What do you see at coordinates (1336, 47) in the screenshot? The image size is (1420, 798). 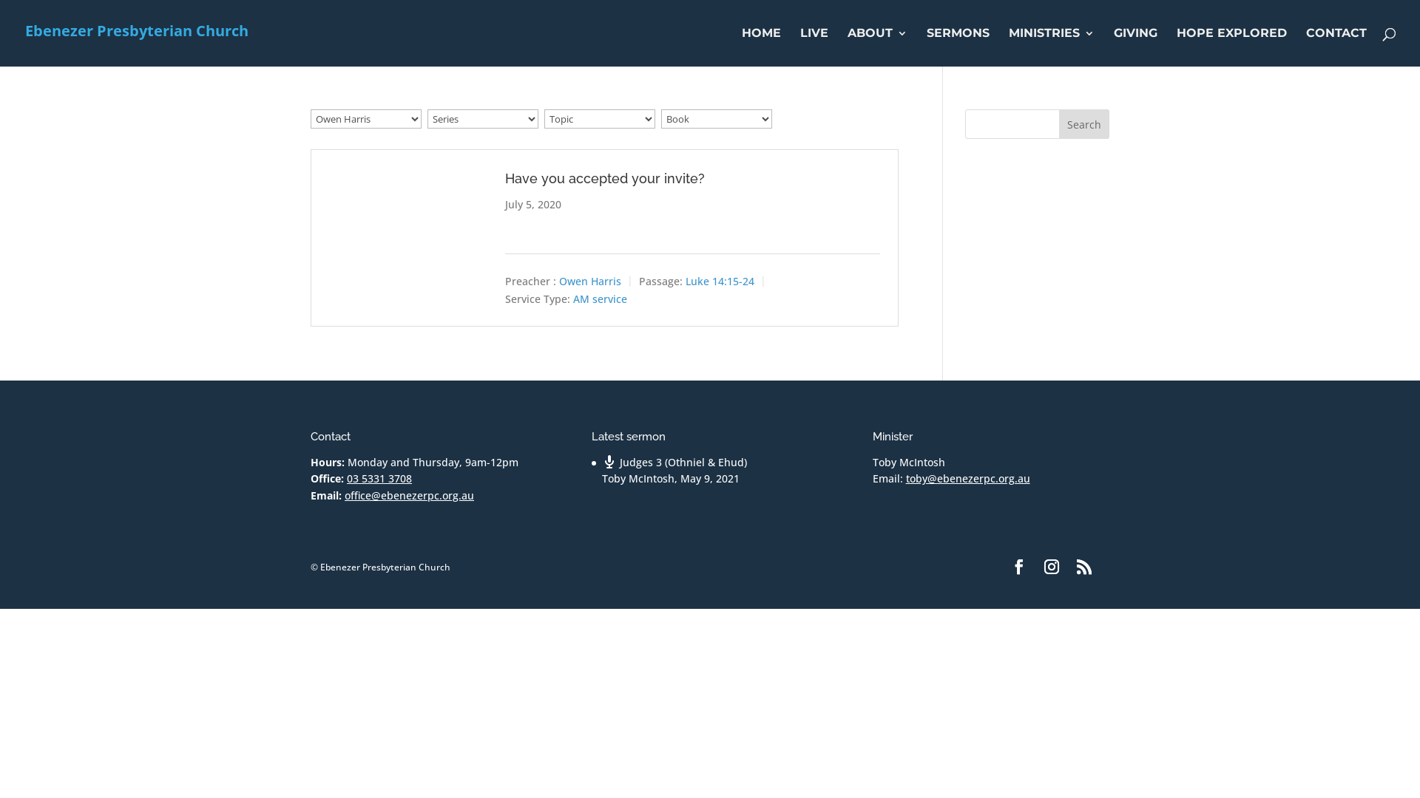 I see `'CONTACT'` at bounding box center [1336, 47].